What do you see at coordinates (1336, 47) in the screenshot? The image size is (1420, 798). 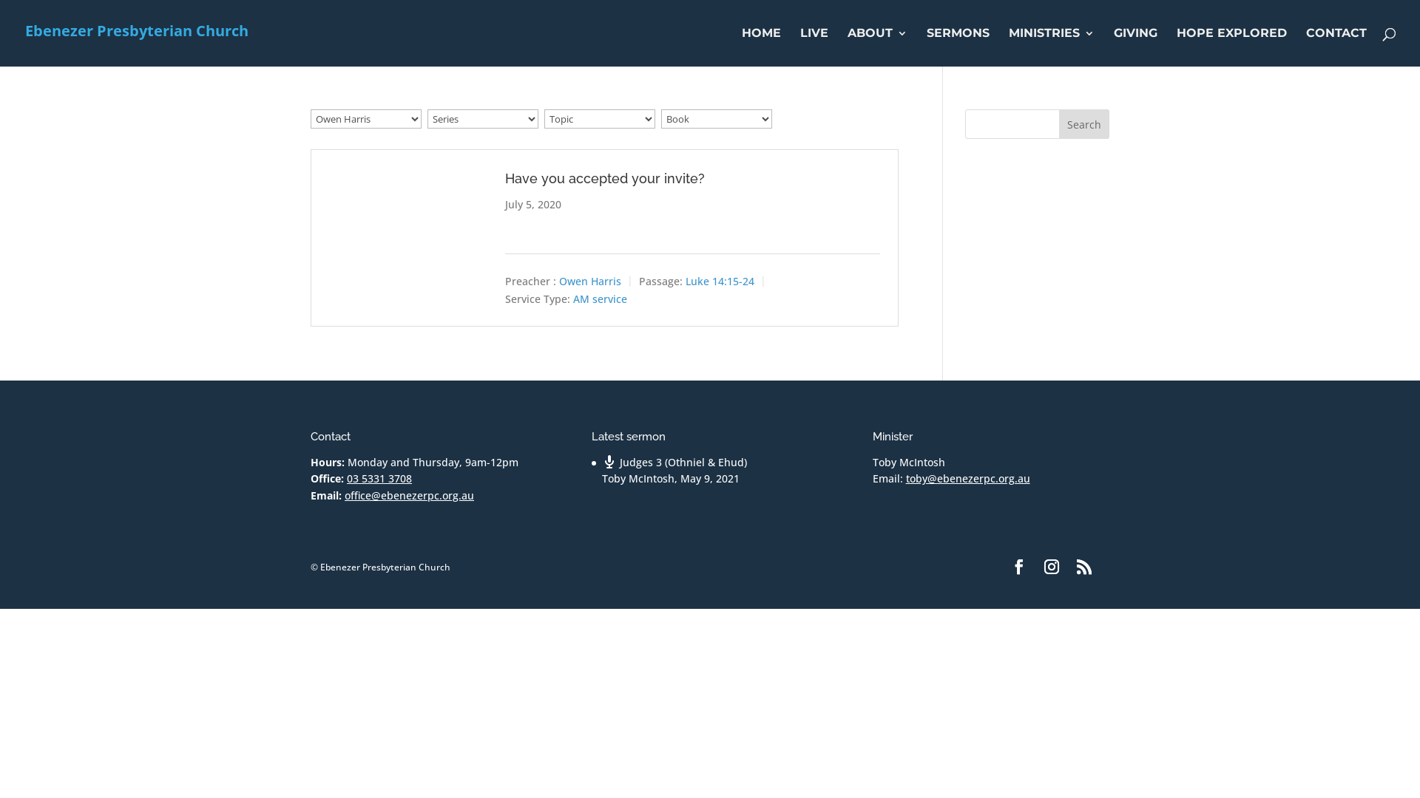 I see `'CONTACT'` at bounding box center [1336, 47].